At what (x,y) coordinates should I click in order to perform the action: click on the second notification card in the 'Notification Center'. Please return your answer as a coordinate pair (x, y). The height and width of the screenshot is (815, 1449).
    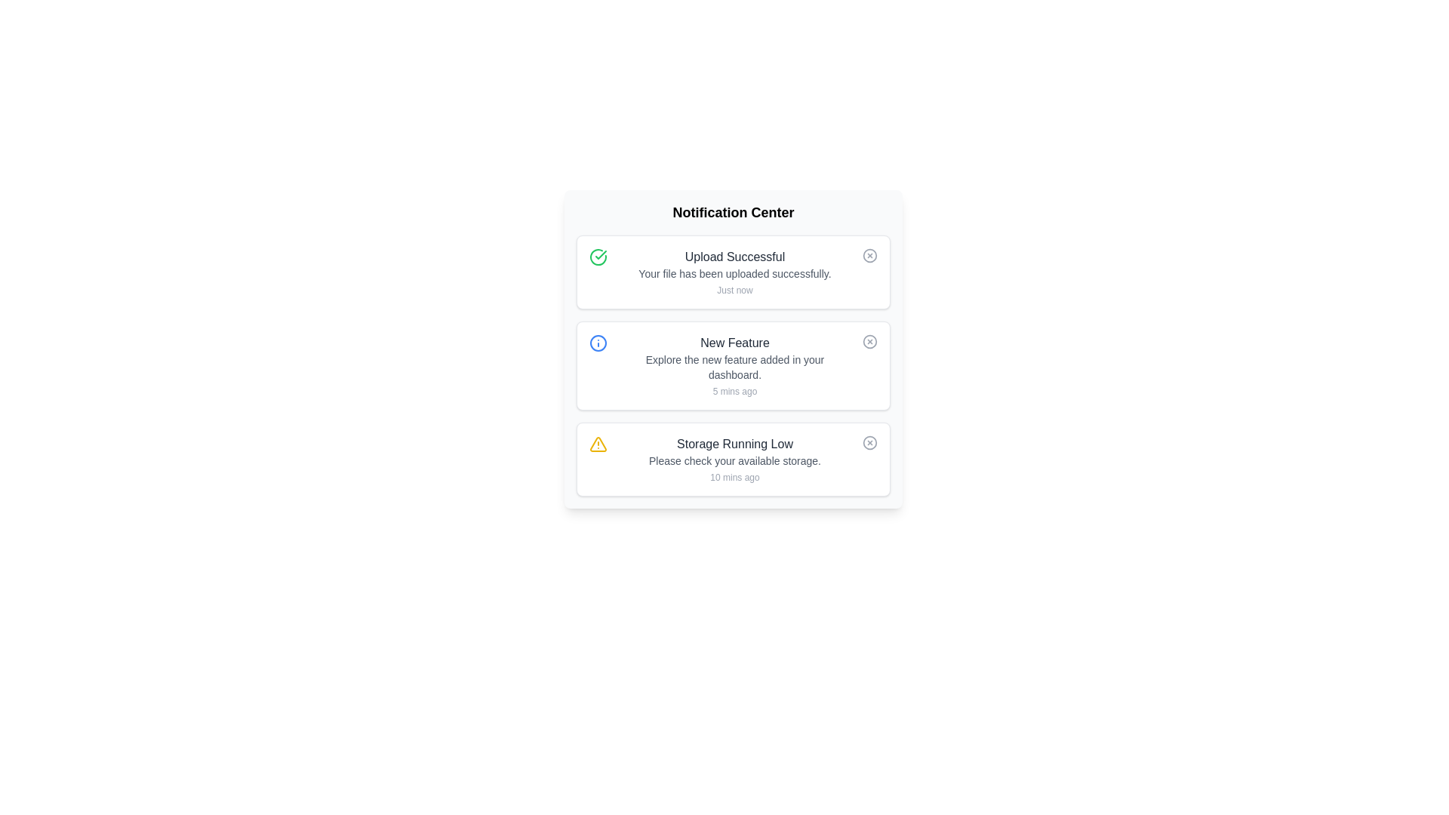
    Looking at the image, I should click on (733, 366).